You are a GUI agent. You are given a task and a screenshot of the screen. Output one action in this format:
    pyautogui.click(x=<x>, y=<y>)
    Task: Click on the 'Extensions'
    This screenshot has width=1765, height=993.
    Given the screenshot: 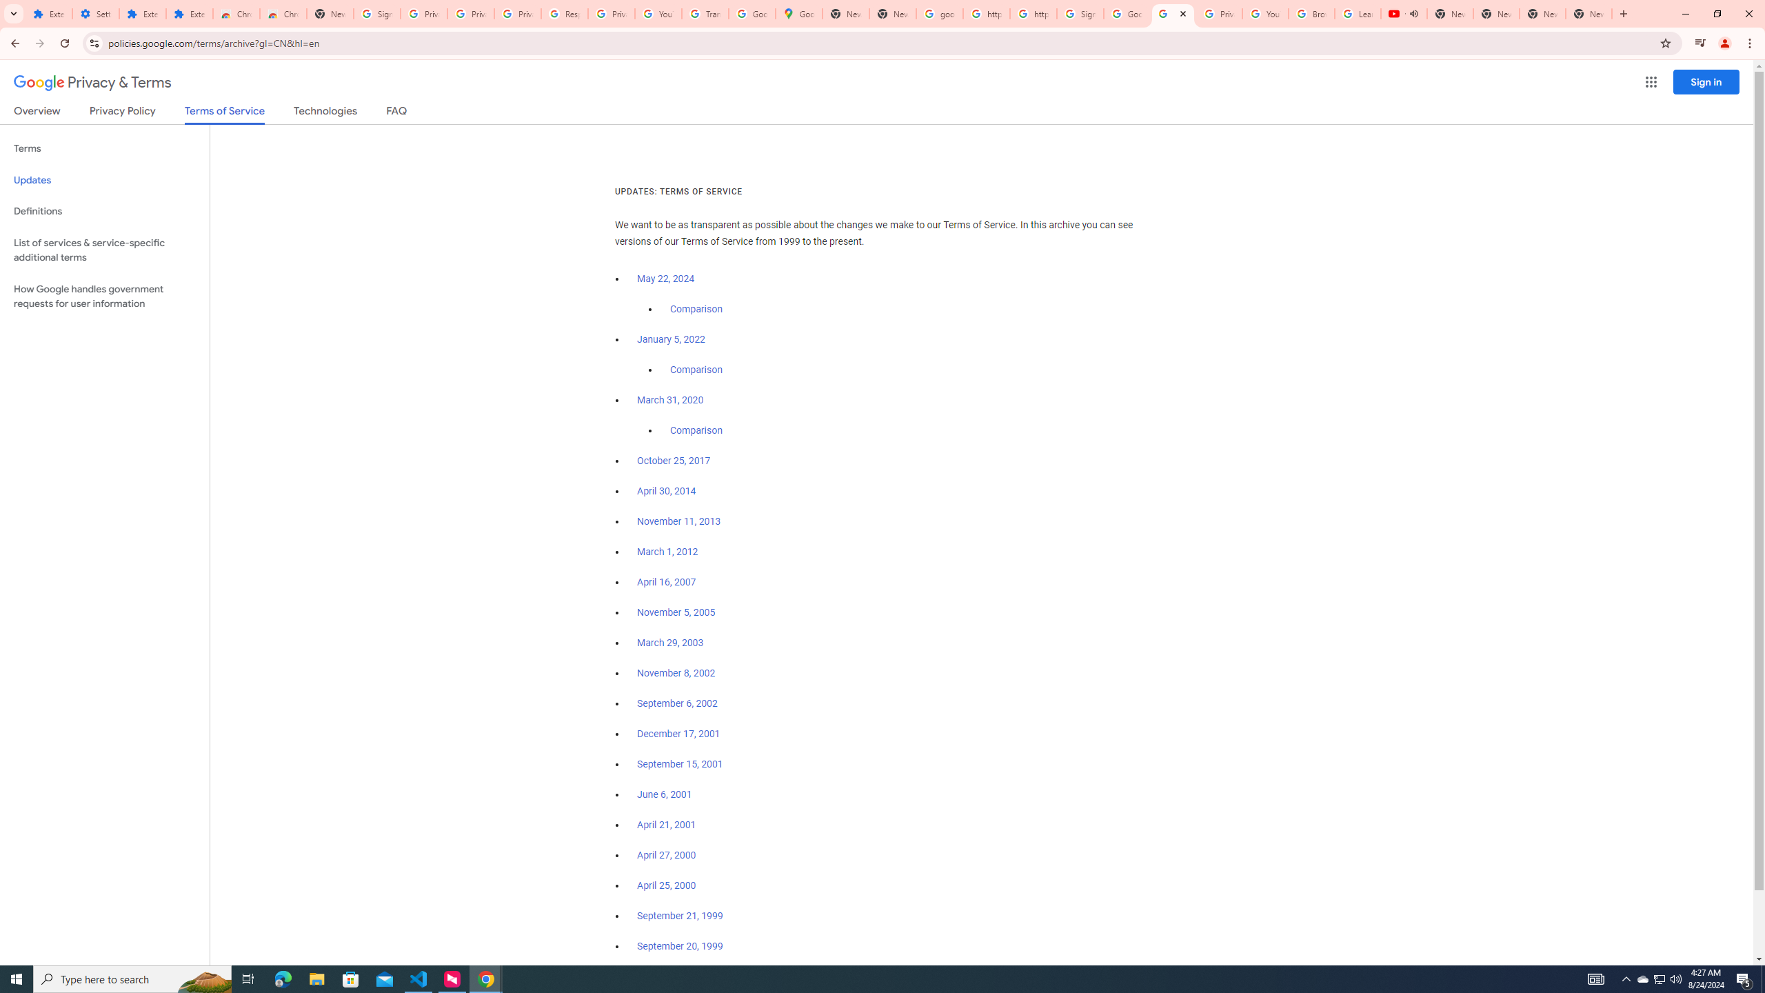 What is the action you would take?
    pyautogui.click(x=143, y=13)
    